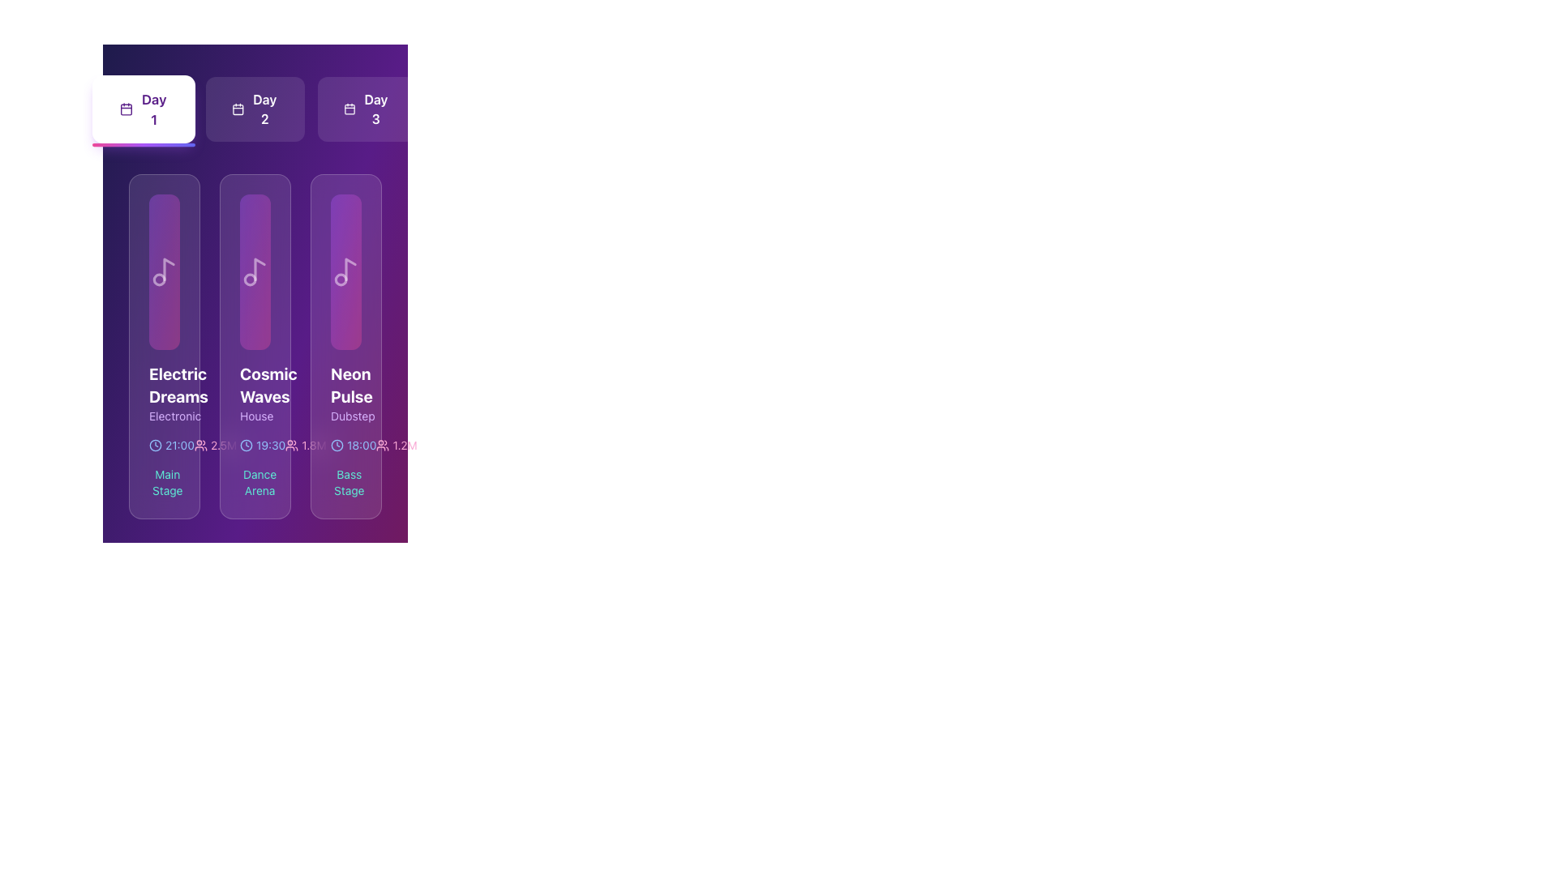 Image resolution: width=1557 pixels, height=875 pixels. I want to click on the 'Day 1' tab label, which is a bold text label within a segmented tab control, so click(154, 109).